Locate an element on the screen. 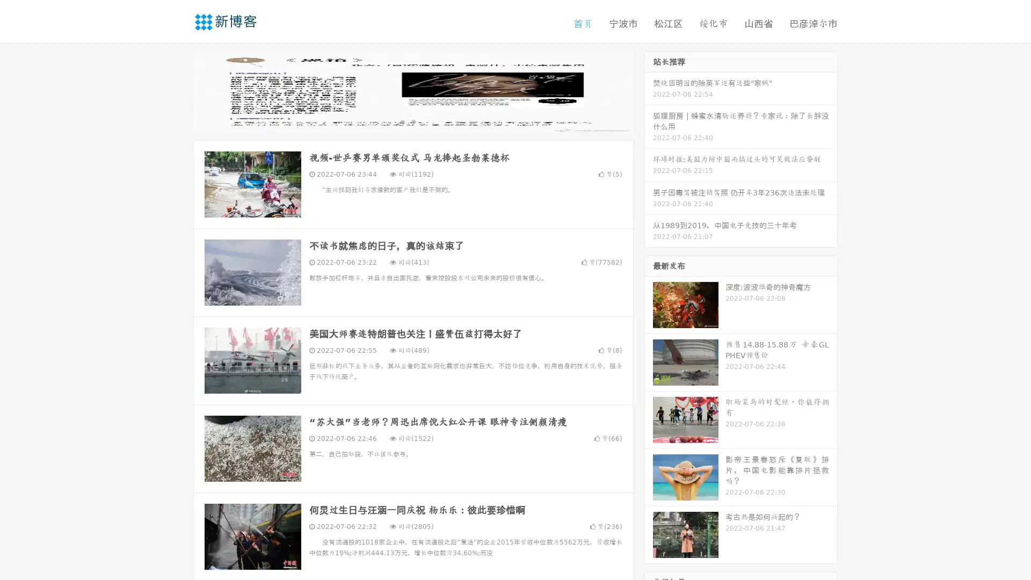 The image size is (1031, 580). Next slide is located at coordinates (649, 90).